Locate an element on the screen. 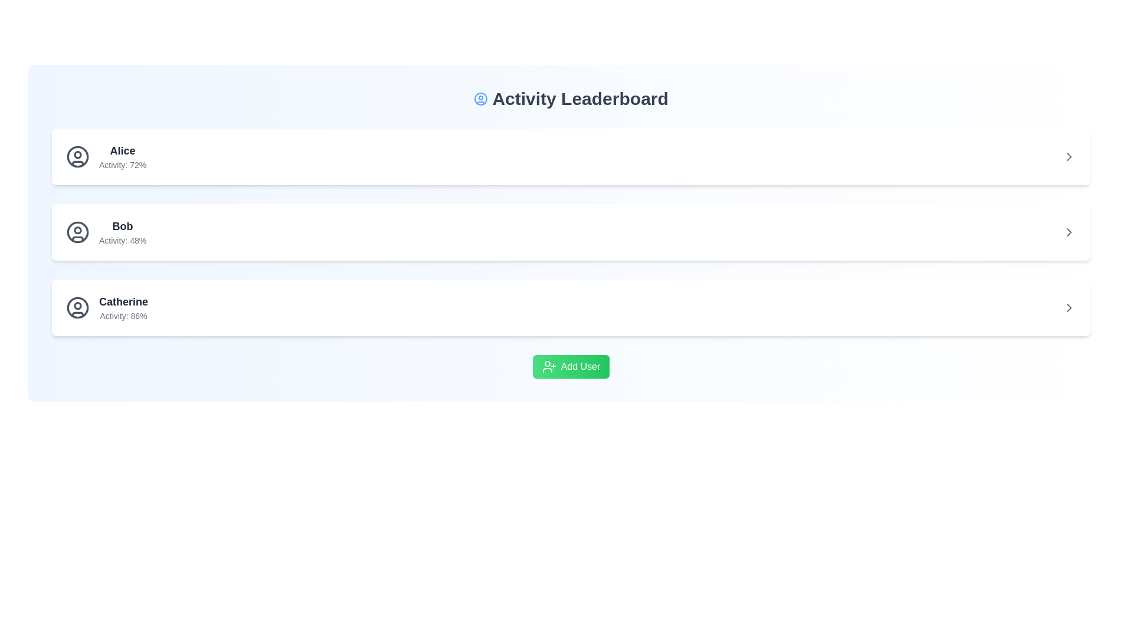  the decorative icon representing user activity related to the 'Activity Leaderboard' title, positioned to the left of the title text is located at coordinates (481, 98).